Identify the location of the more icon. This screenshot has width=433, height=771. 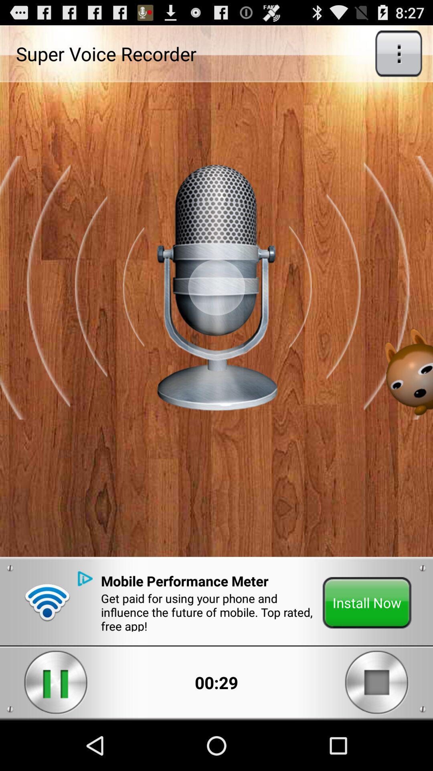
(399, 57).